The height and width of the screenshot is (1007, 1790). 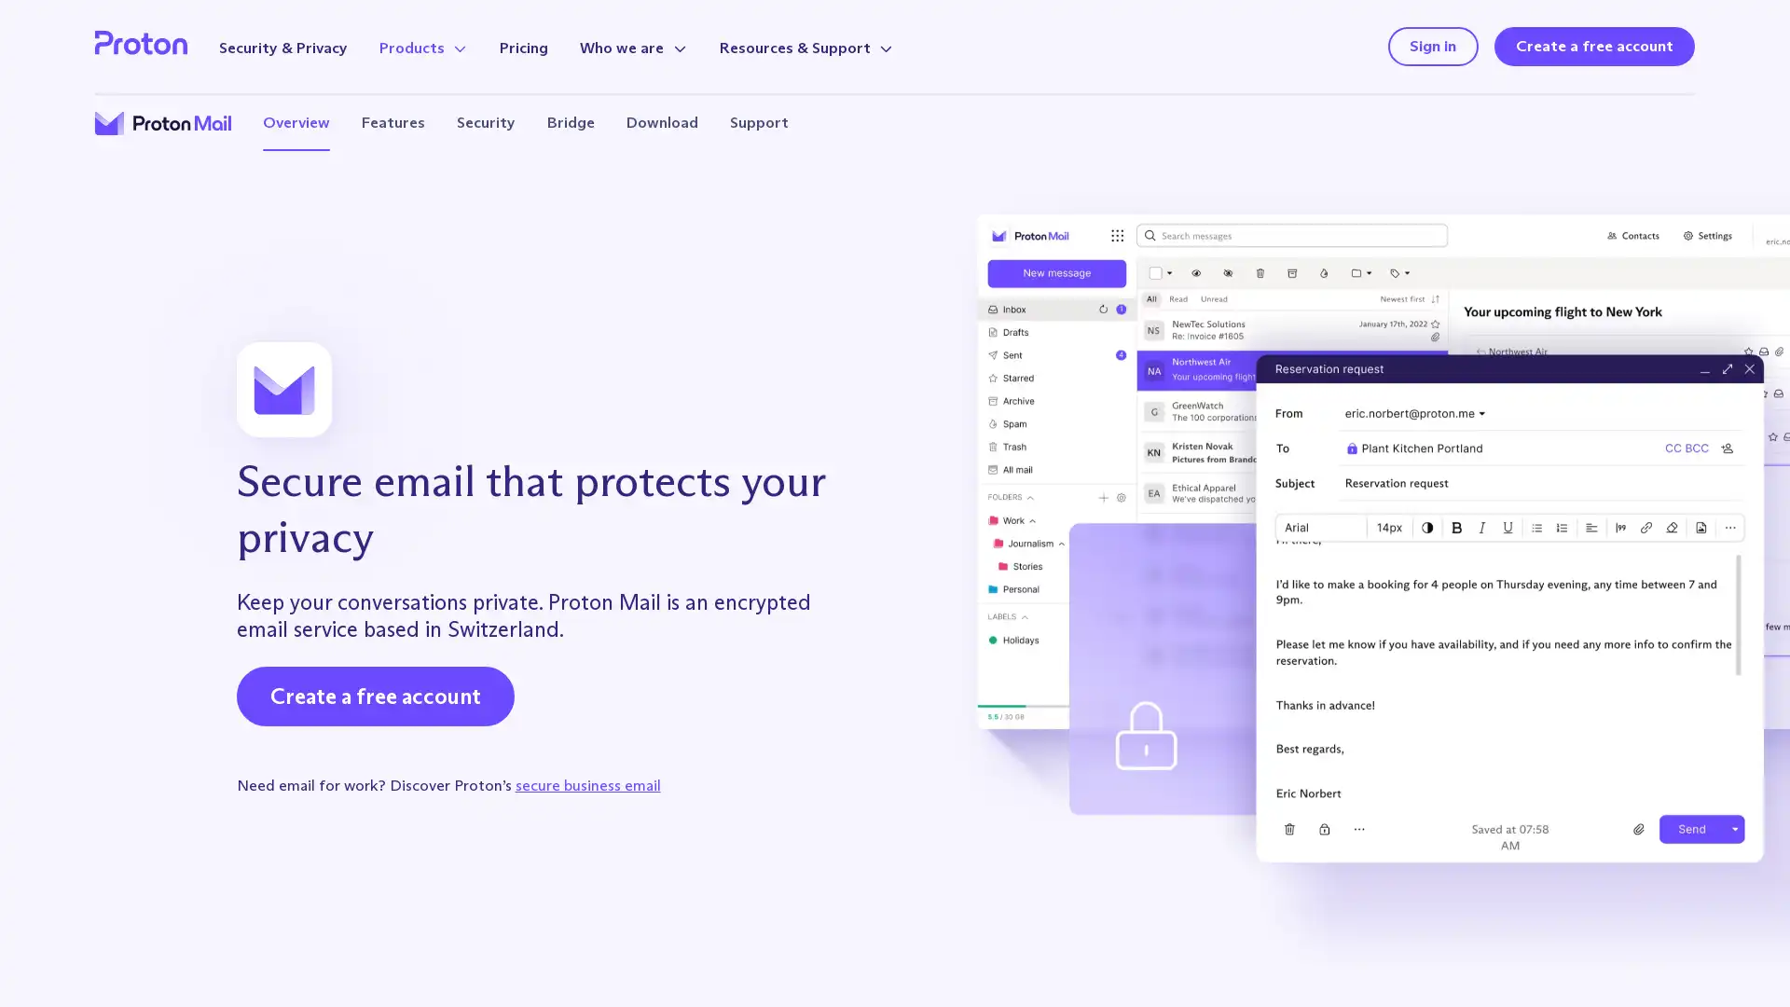 What do you see at coordinates (422, 47) in the screenshot?
I see `Products` at bounding box center [422, 47].